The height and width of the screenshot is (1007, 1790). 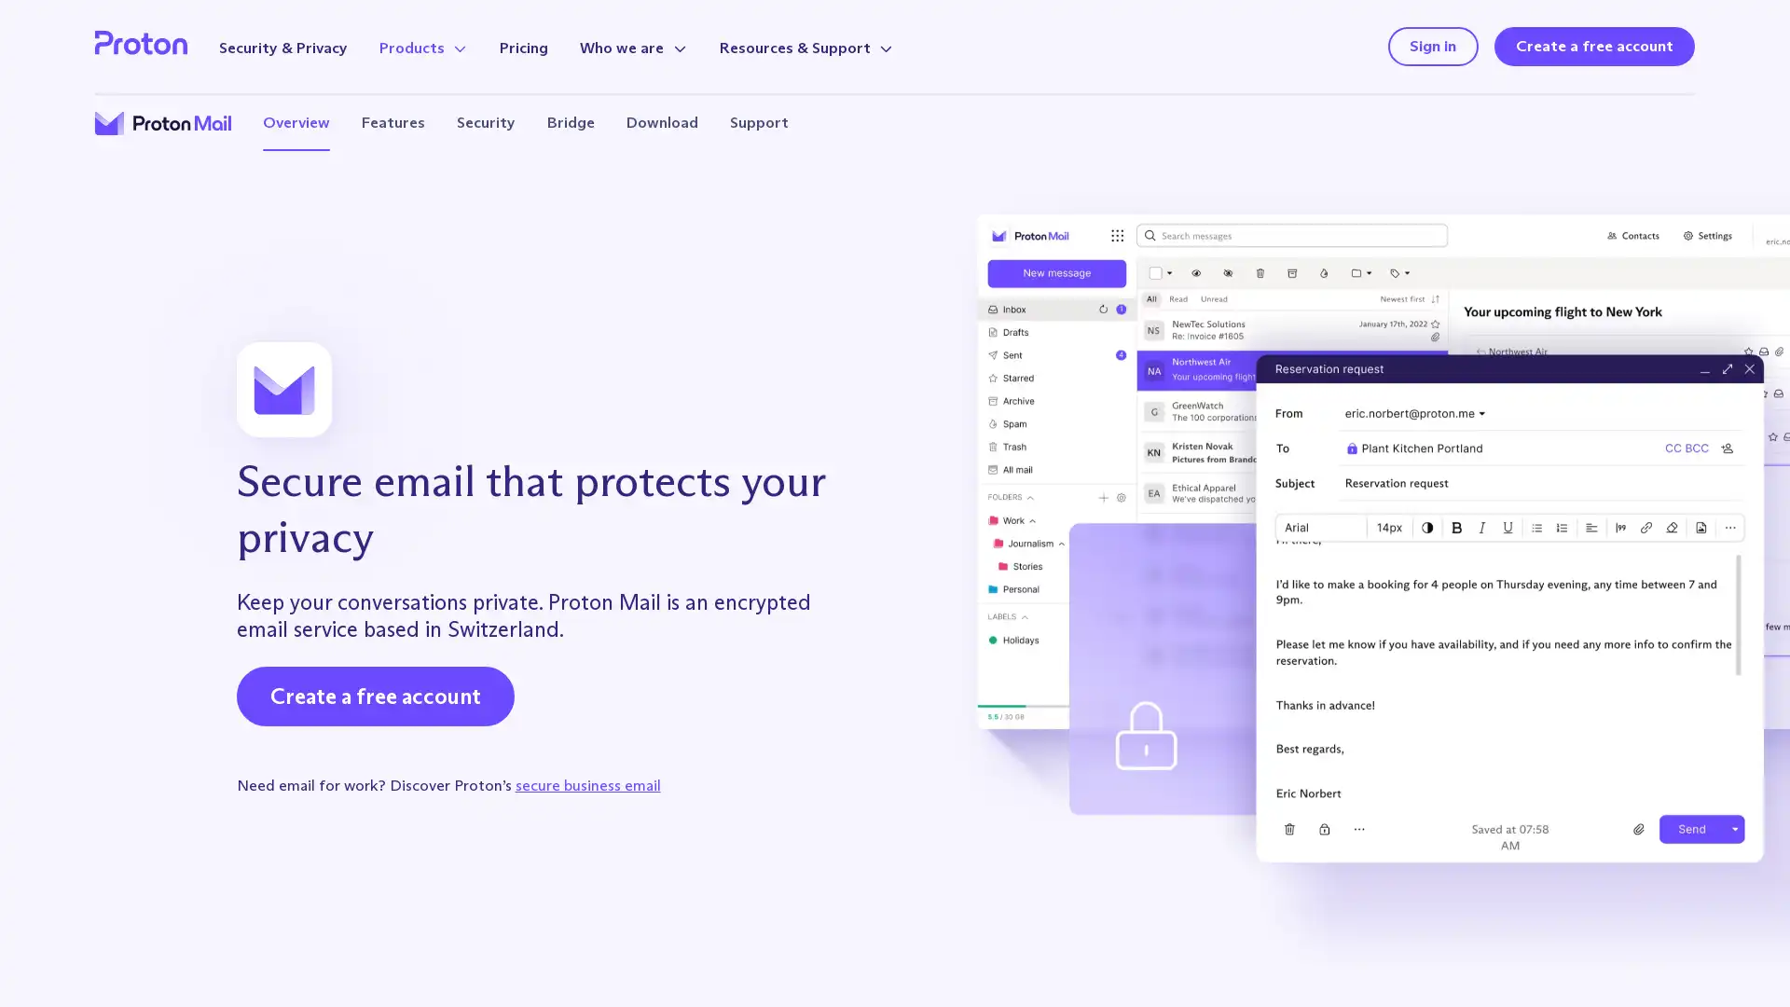 What do you see at coordinates (422, 47) in the screenshot?
I see `Products` at bounding box center [422, 47].